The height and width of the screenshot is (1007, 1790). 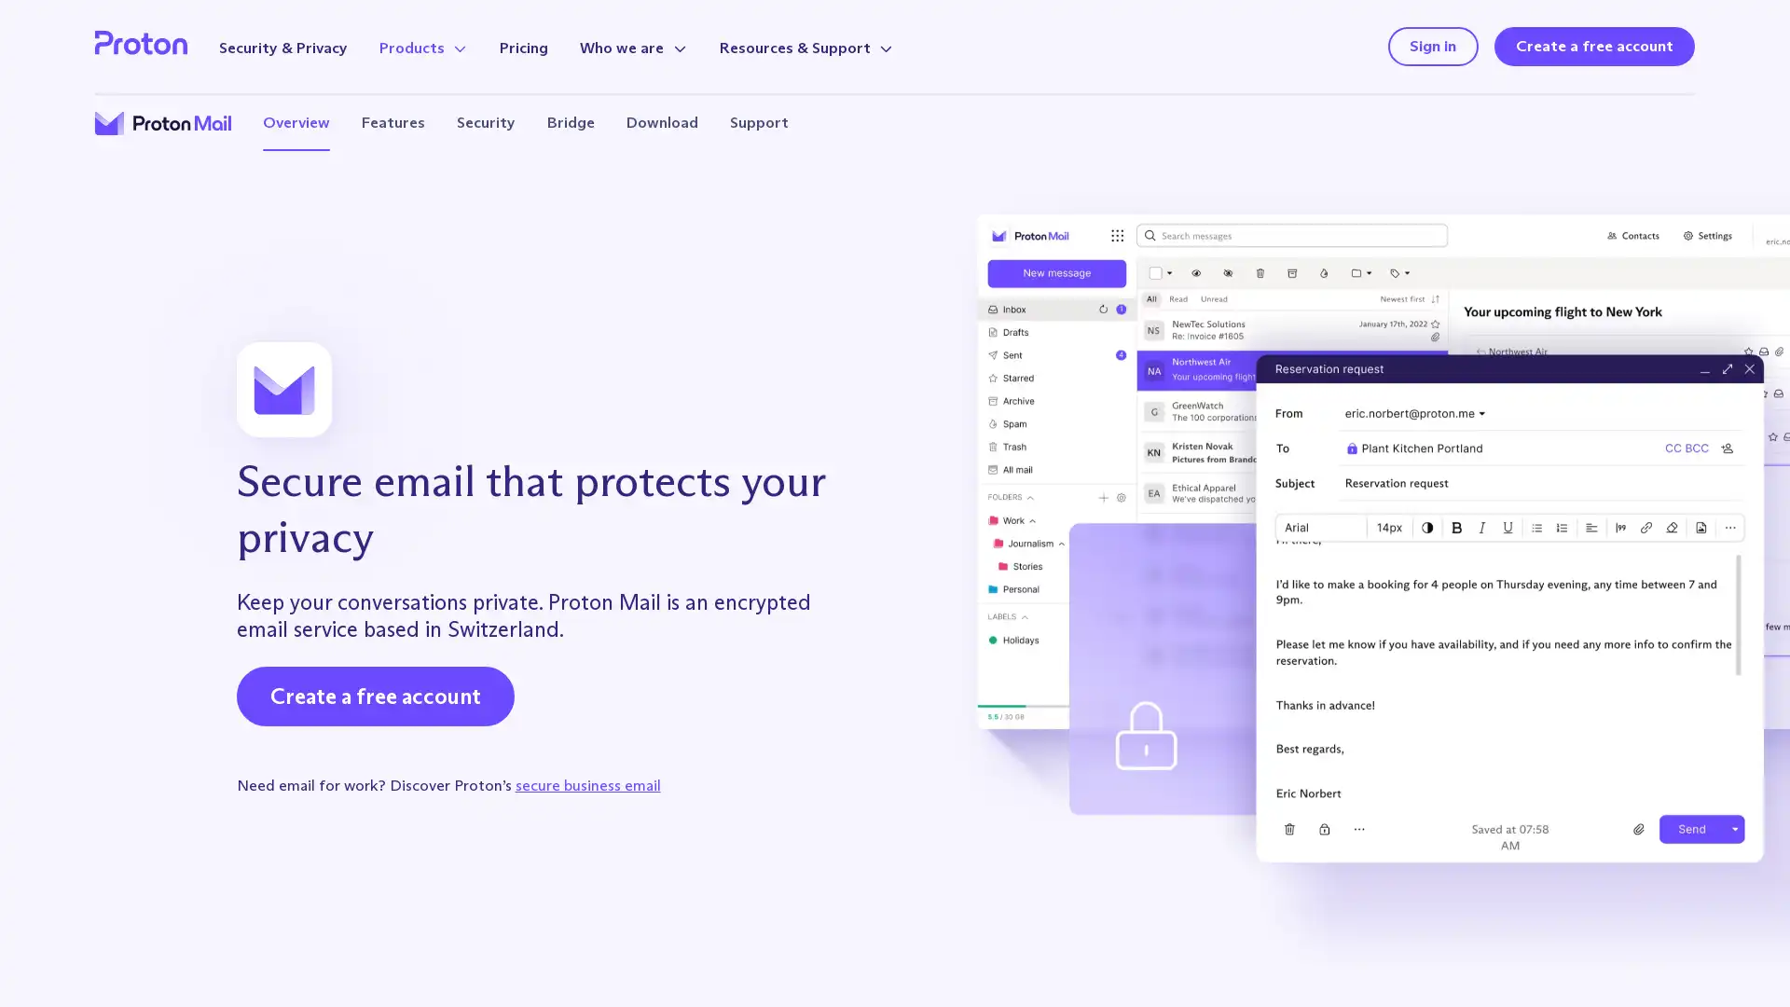 What do you see at coordinates (422, 47) in the screenshot?
I see `Products` at bounding box center [422, 47].